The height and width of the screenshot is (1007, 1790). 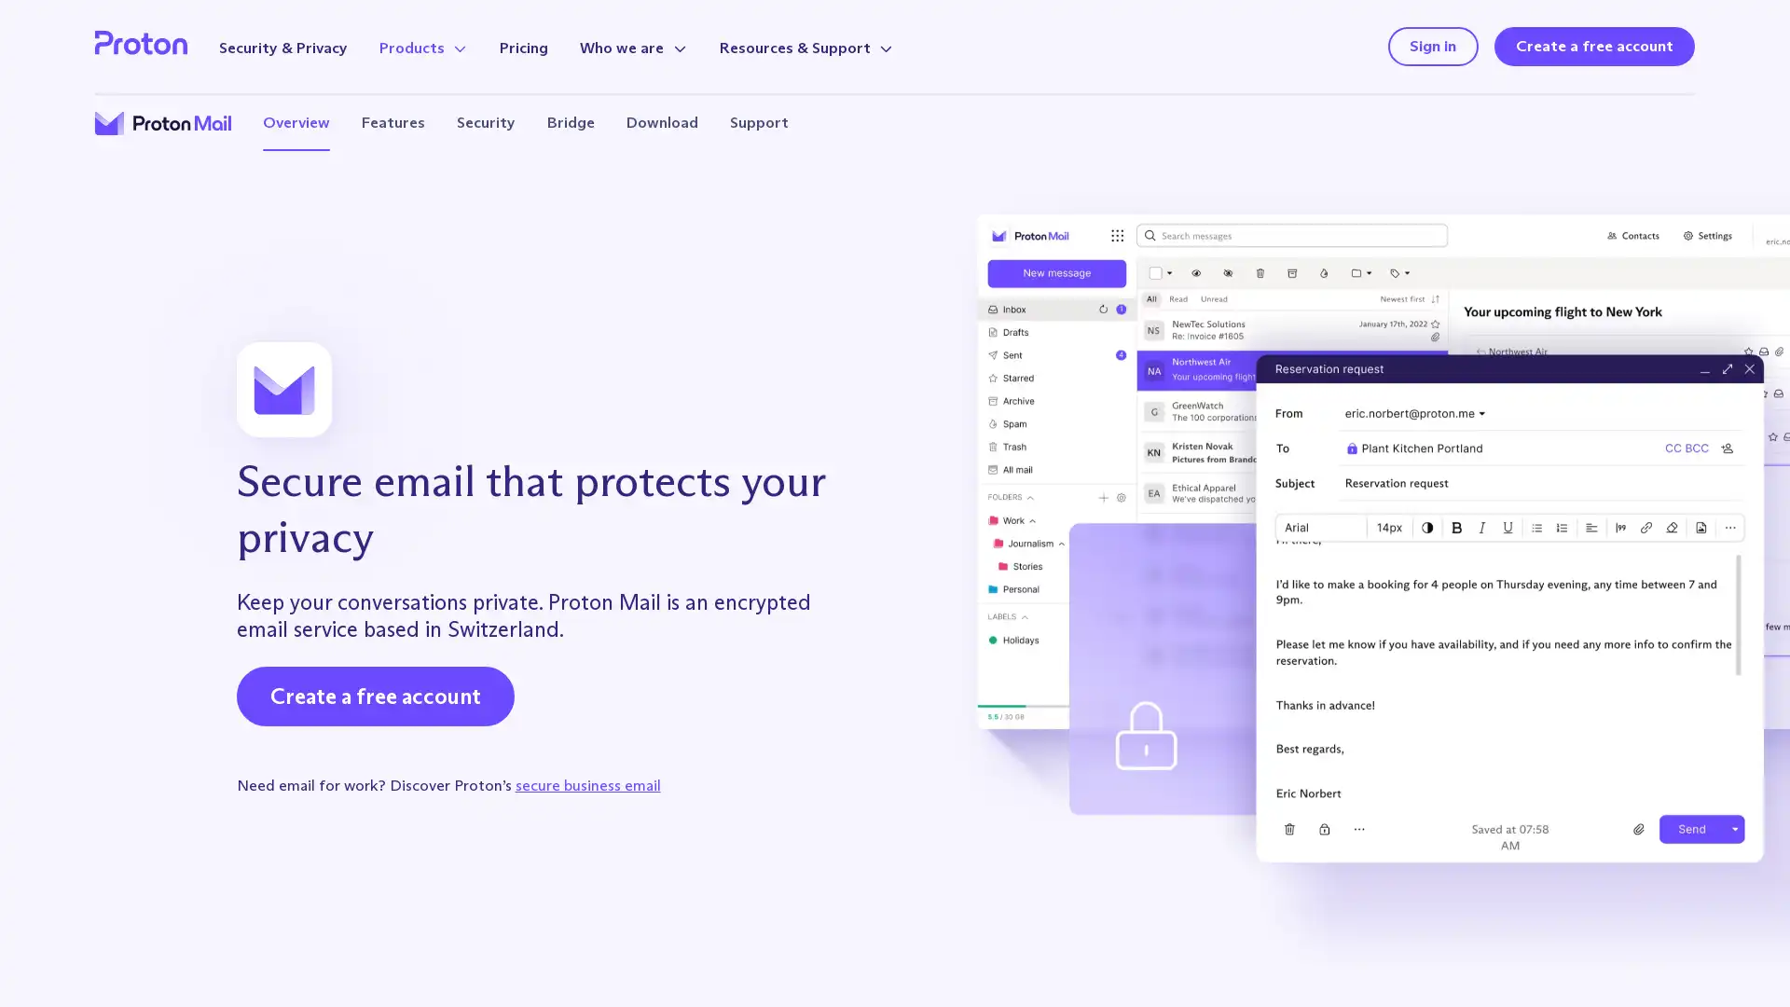 What do you see at coordinates (422, 47) in the screenshot?
I see `Products` at bounding box center [422, 47].